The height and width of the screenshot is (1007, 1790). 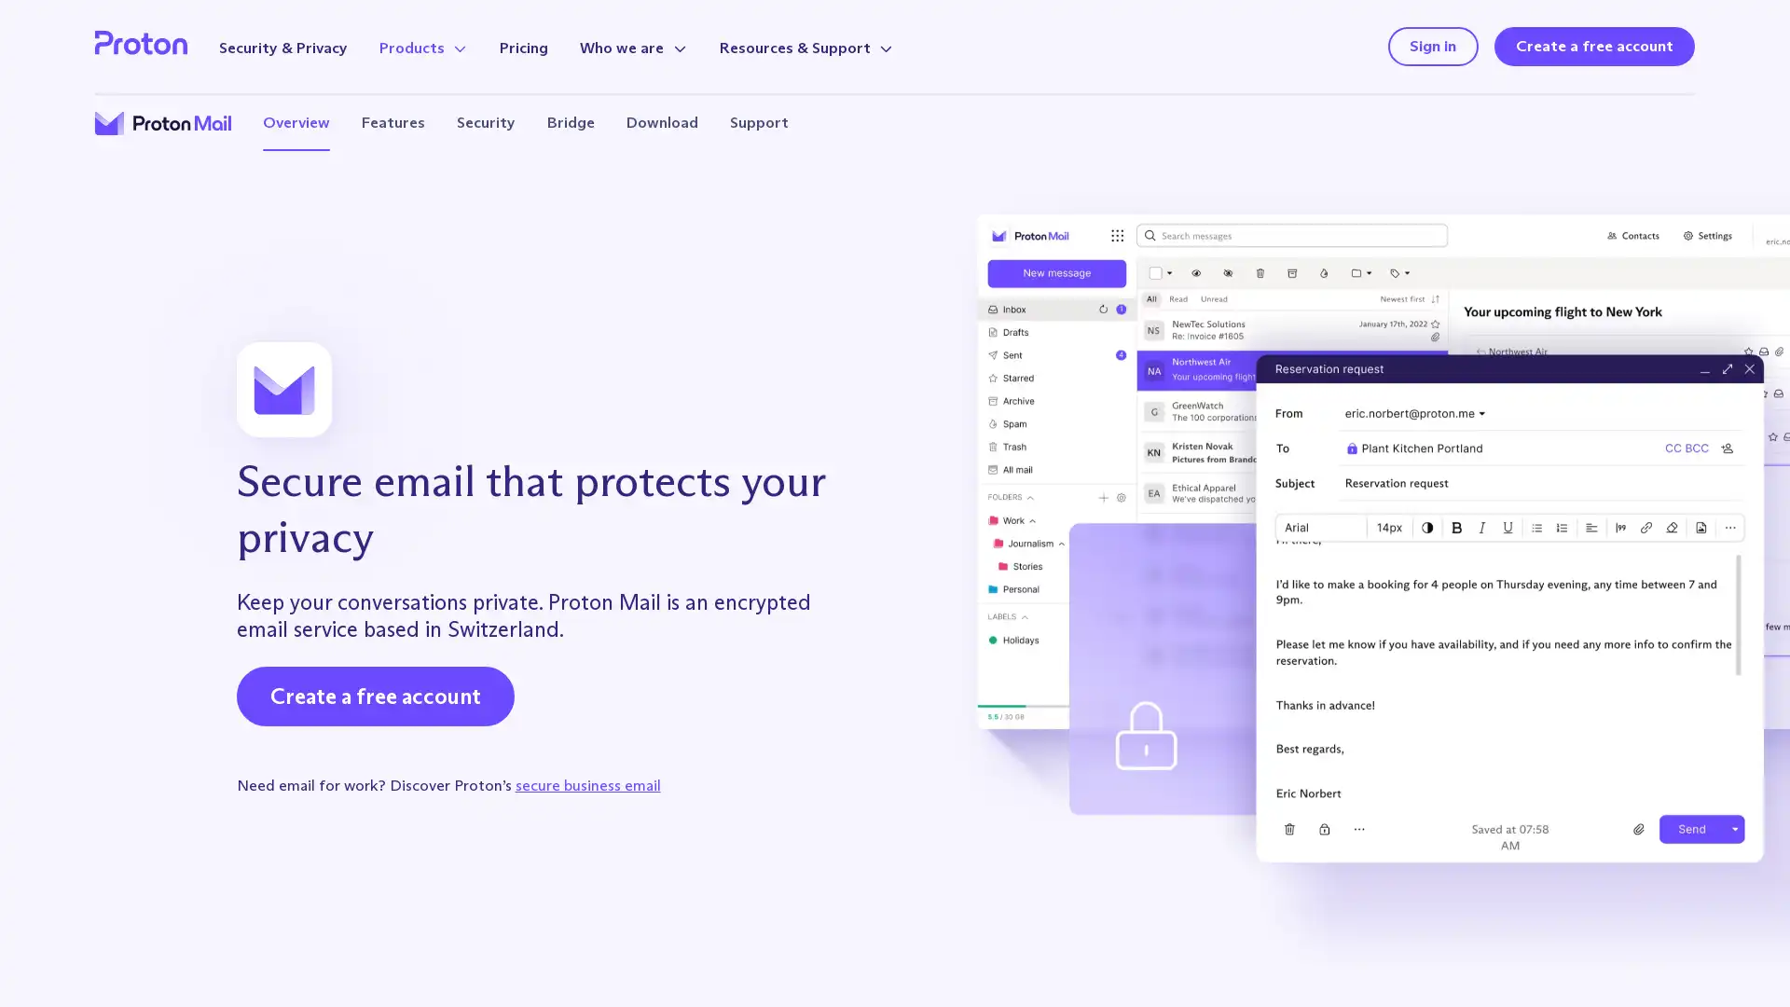 What do you see at coordinates (422, 47) in the screenshot?
I see `Products` at bounding box center [422, 47].